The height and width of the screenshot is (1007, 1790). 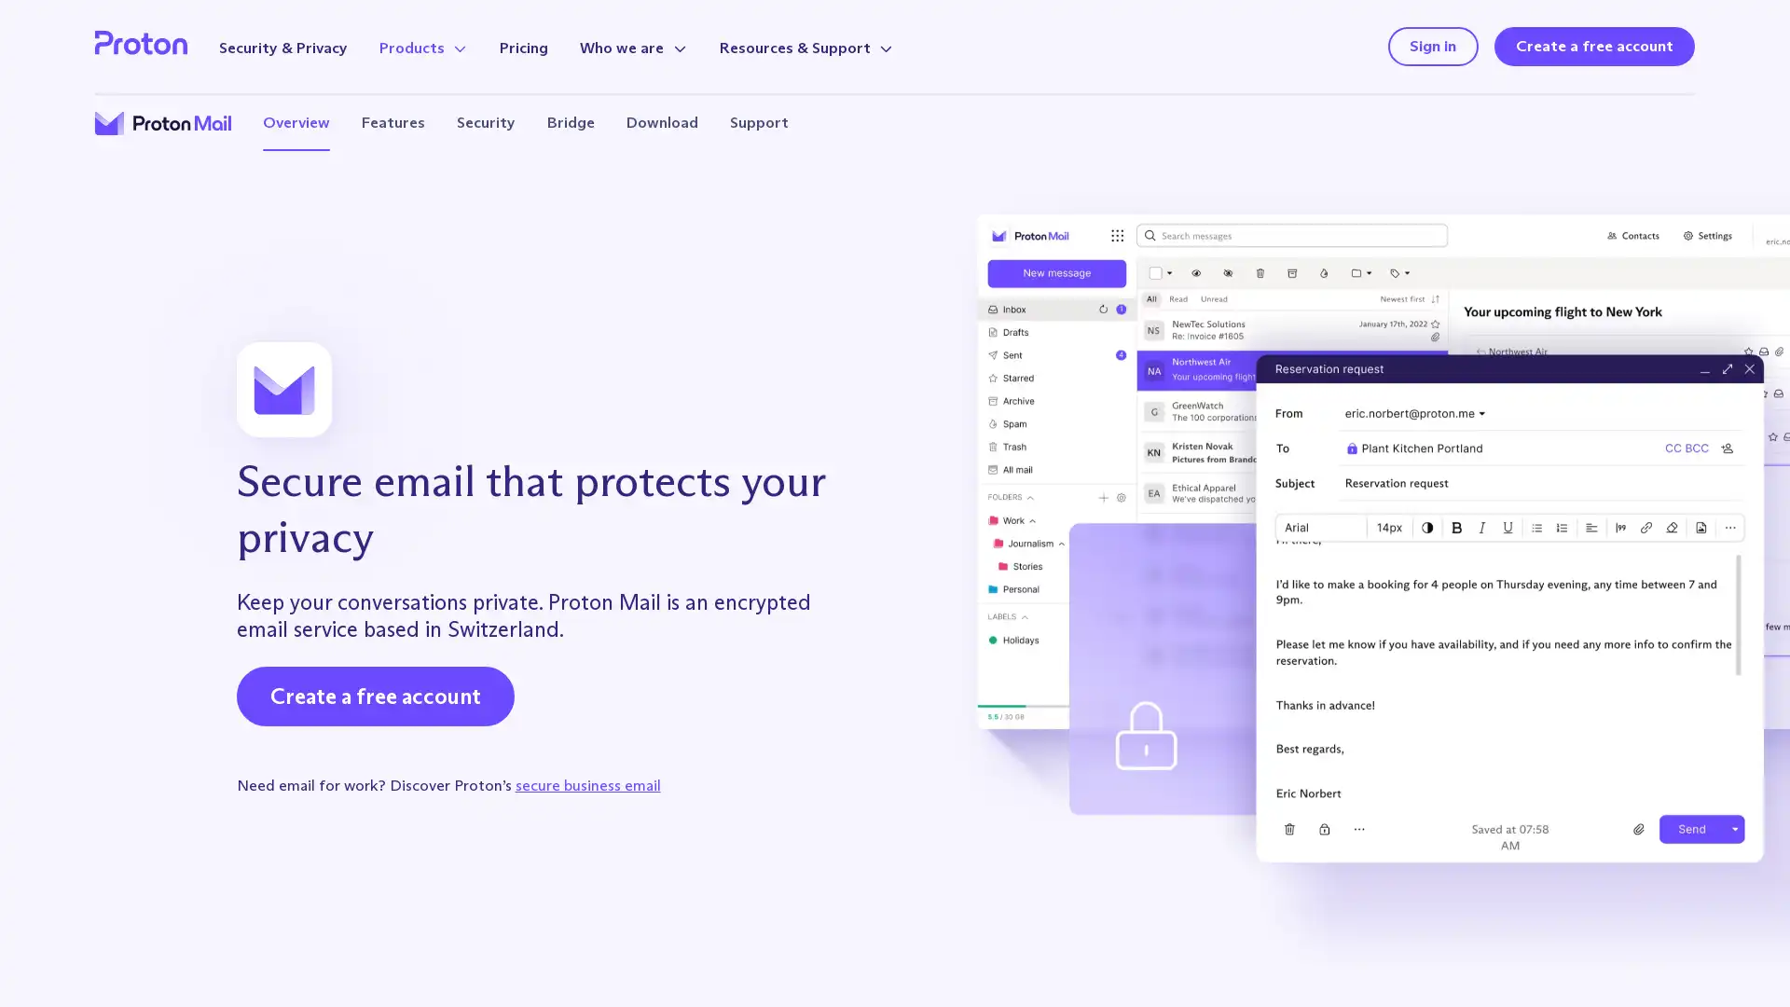 What do you see at coordinates (422, 47) in the screenshot?
I see `Products` at bounding box center [422, 47].